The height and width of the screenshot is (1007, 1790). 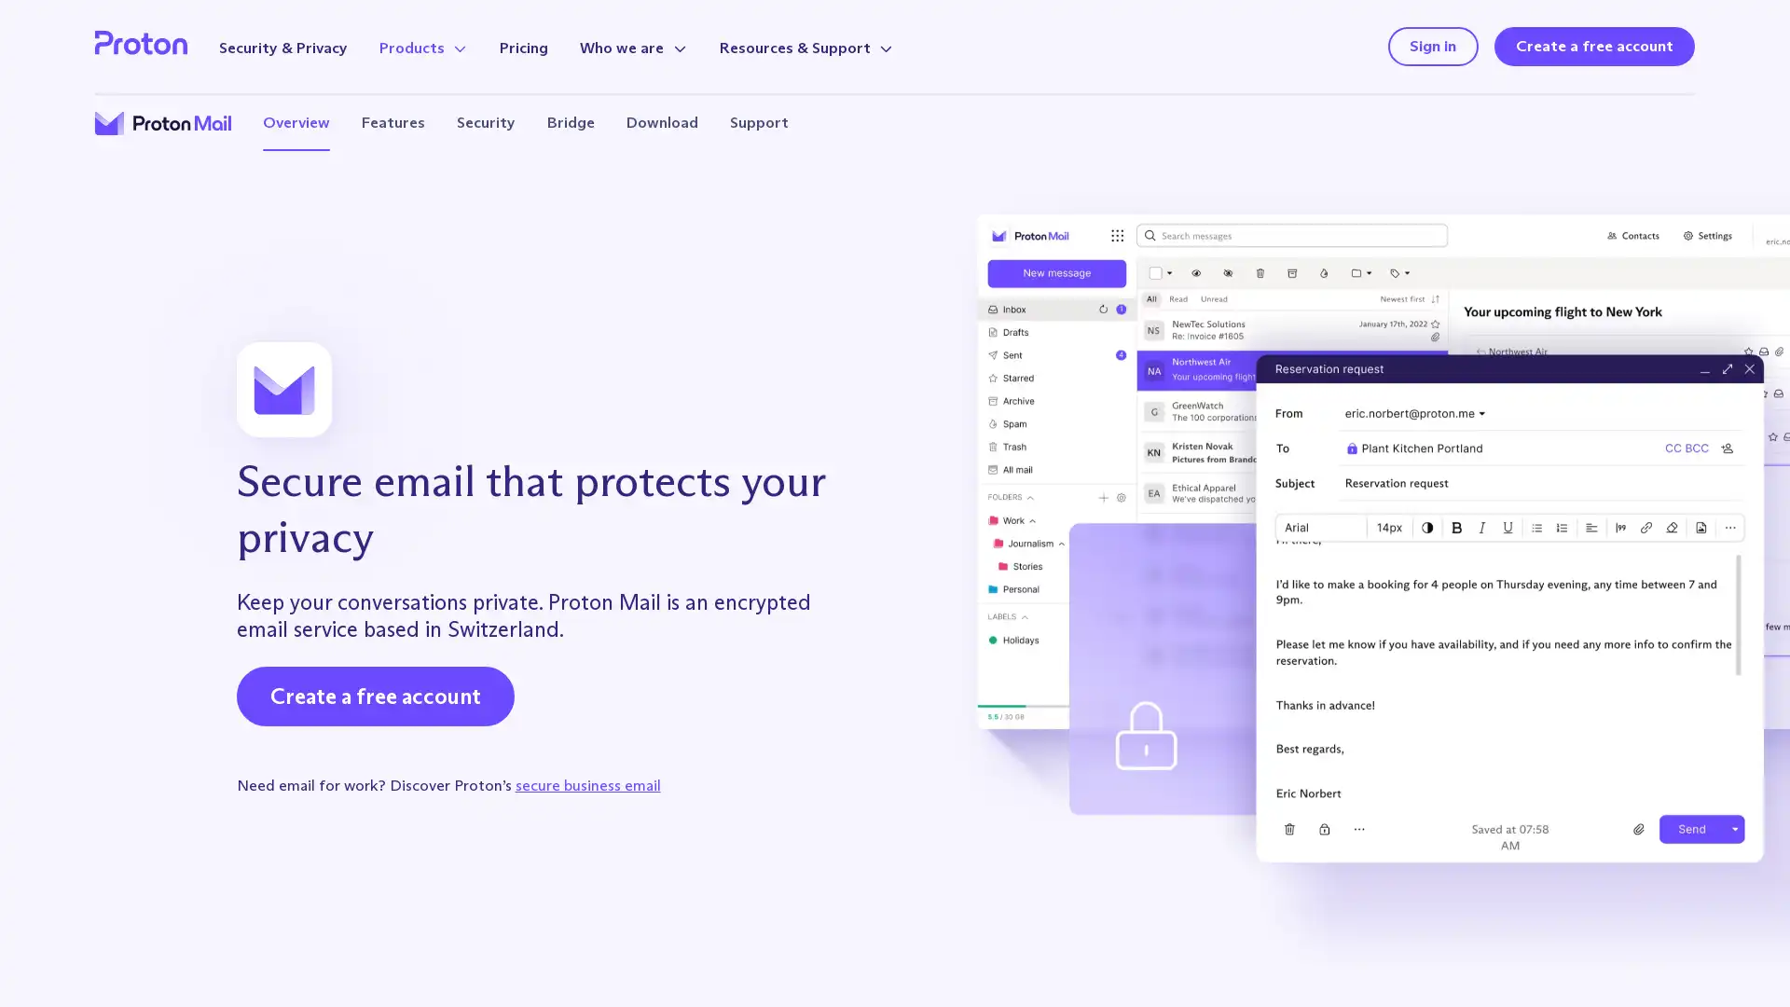 What do you see at coordinates (422, 47) in the screenshot?
I see `Products` at bounding box center [422, 47].